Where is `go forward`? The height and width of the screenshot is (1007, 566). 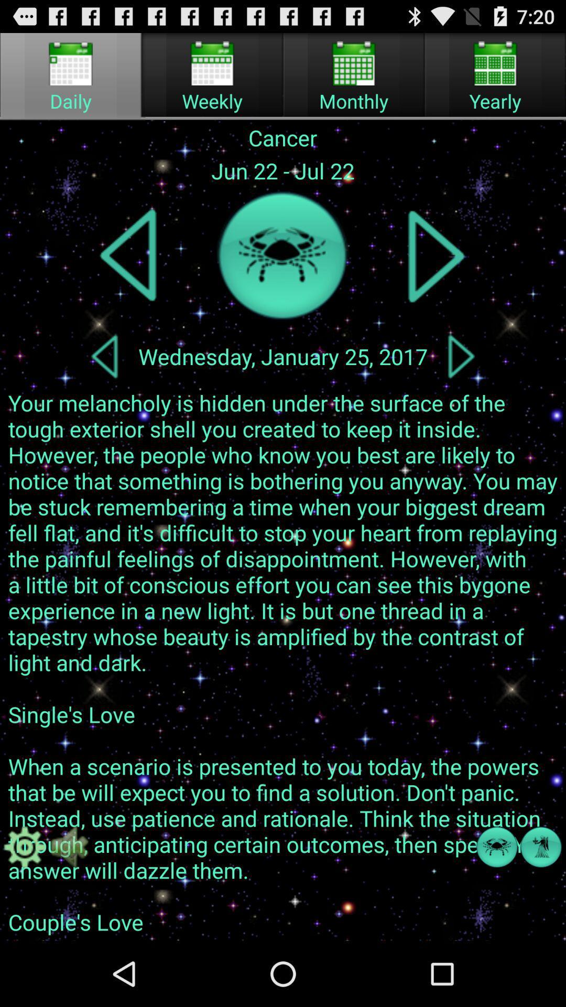
go forward is located at coordinates (461, 356).